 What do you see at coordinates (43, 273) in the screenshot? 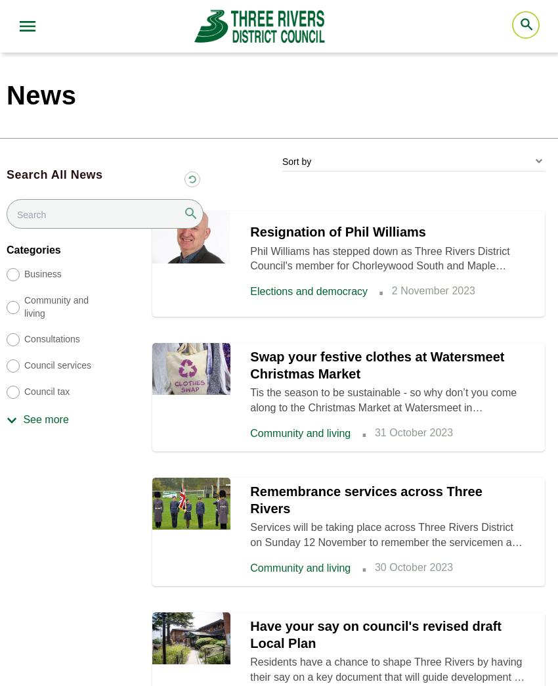
I see `'Business'` at bounding box center [43, 273].